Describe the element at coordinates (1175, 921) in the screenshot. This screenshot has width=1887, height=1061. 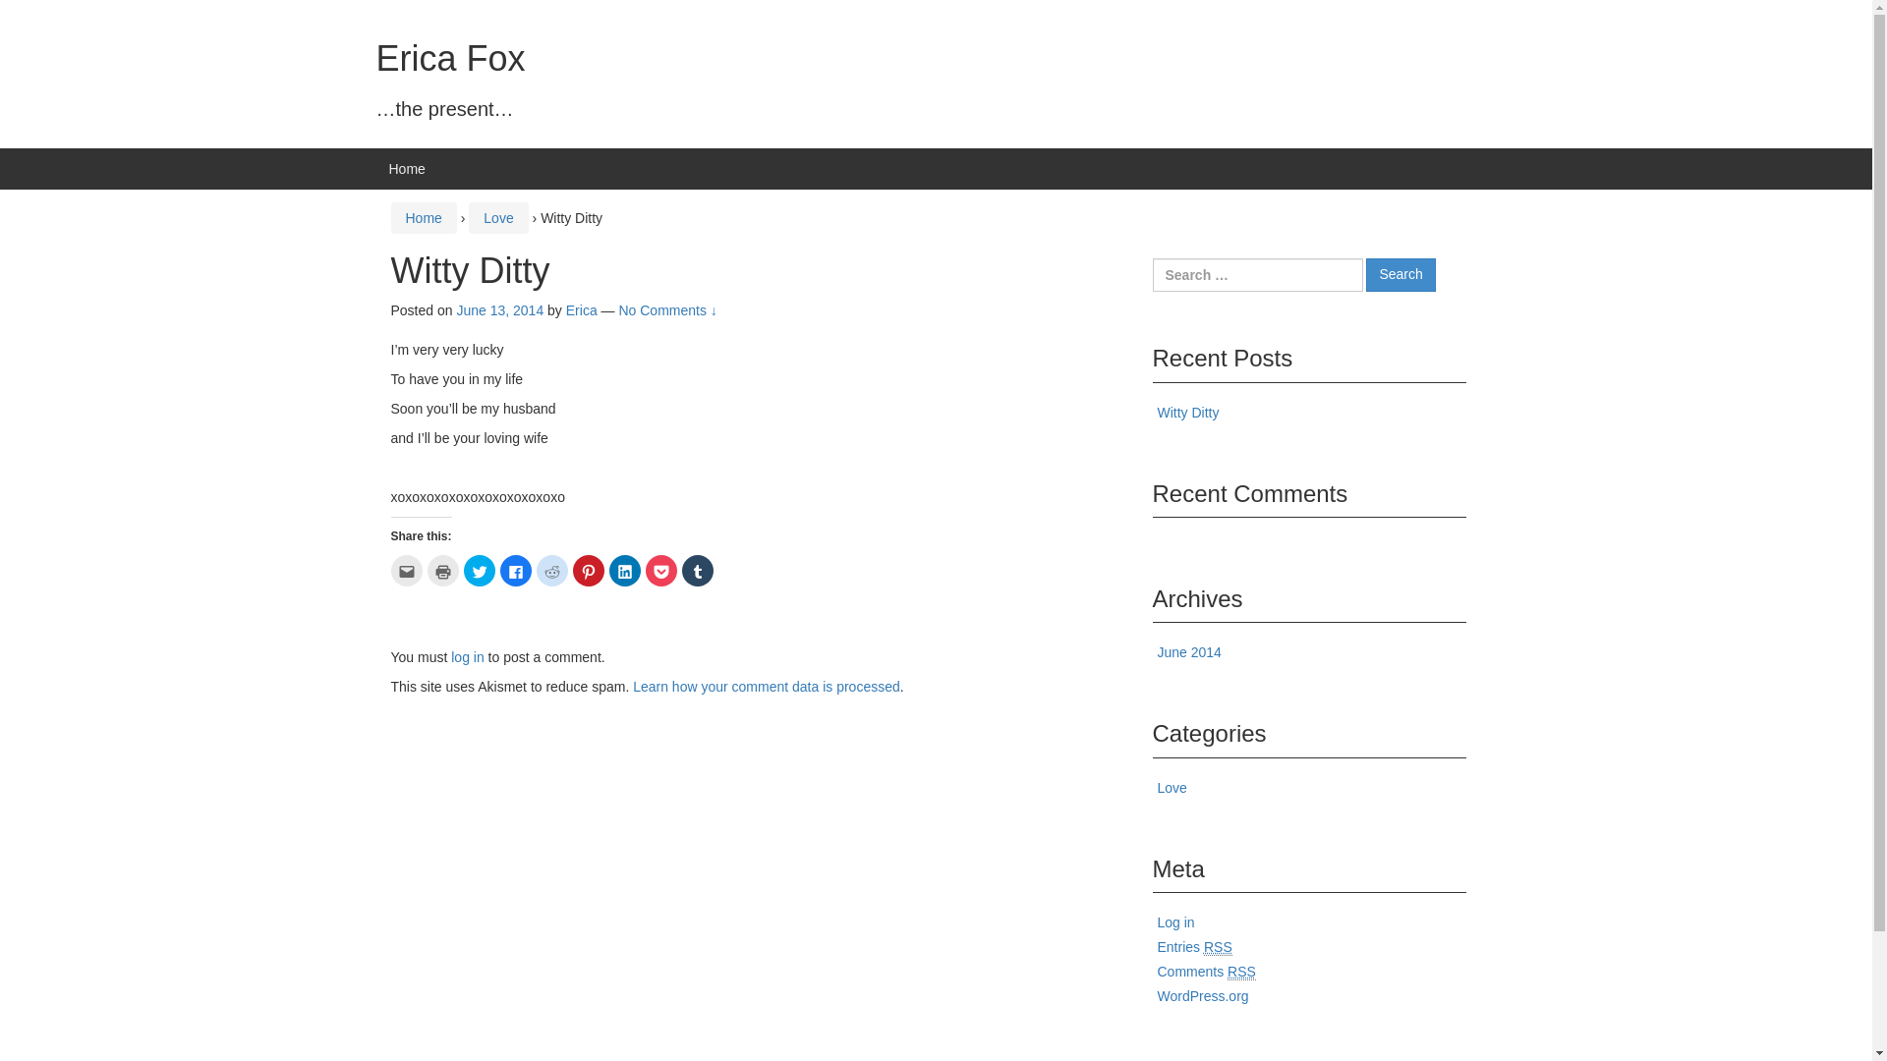
I see `'Log in'` at that location.